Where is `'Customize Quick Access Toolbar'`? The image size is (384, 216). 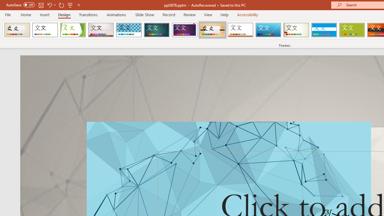 'Customize Quick Access Toolbar' is located at coordinates (79, 5).